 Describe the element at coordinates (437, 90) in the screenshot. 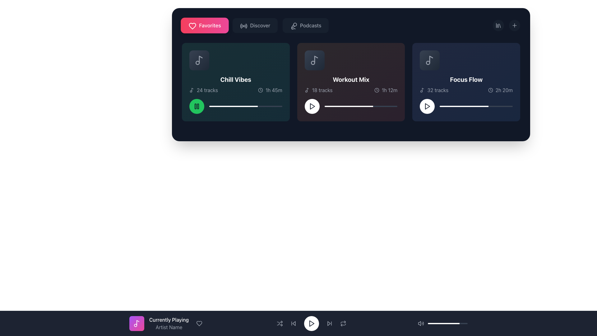

I see `the static text label that reads '32 tracks', which is styled with a light font color against a dark background, located at the bottom of the third card in a horizontal list of music collections` at that location.